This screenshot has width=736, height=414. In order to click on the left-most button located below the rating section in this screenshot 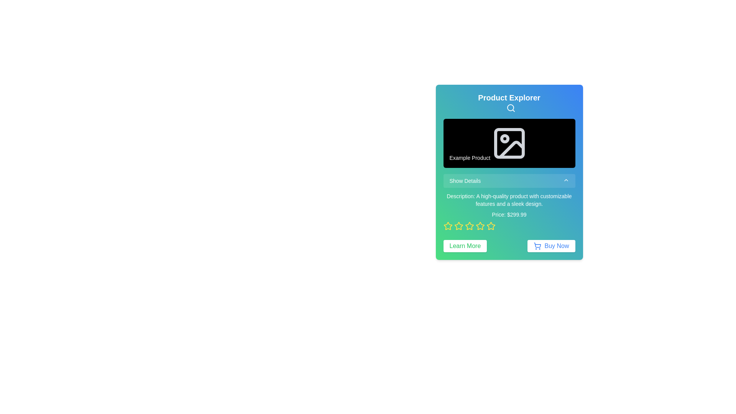, I will do `click(465, 246)`.